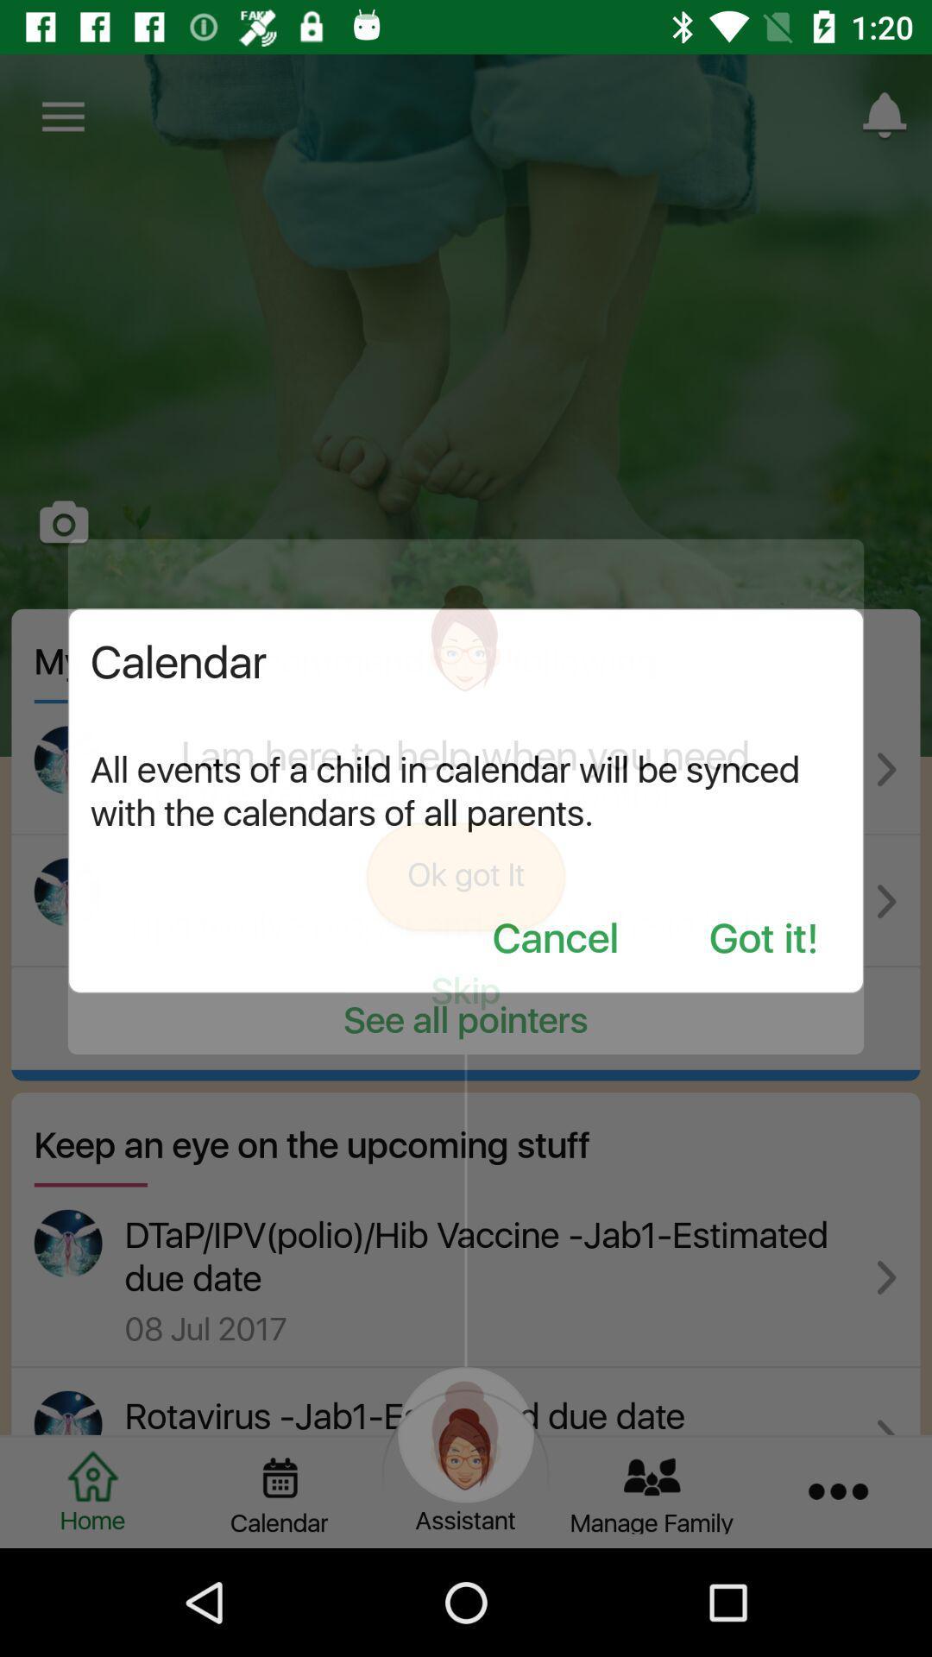 The image size is (932, 1657). What do you see at coordinates (555, 939) in the screenshot?
I see `the item below all events of icon` at bounding box center [555, 939].